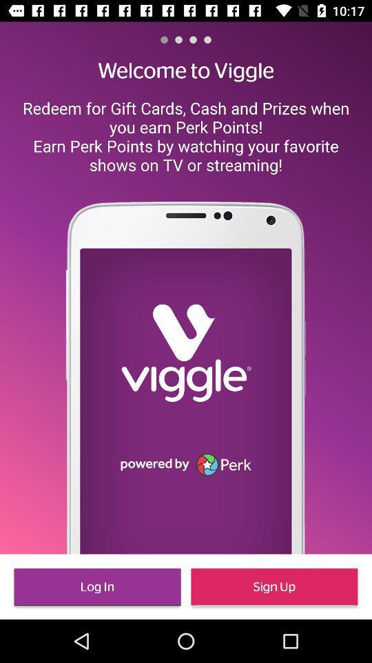  I want to click on icon next to sign up item, so click(96, 586).